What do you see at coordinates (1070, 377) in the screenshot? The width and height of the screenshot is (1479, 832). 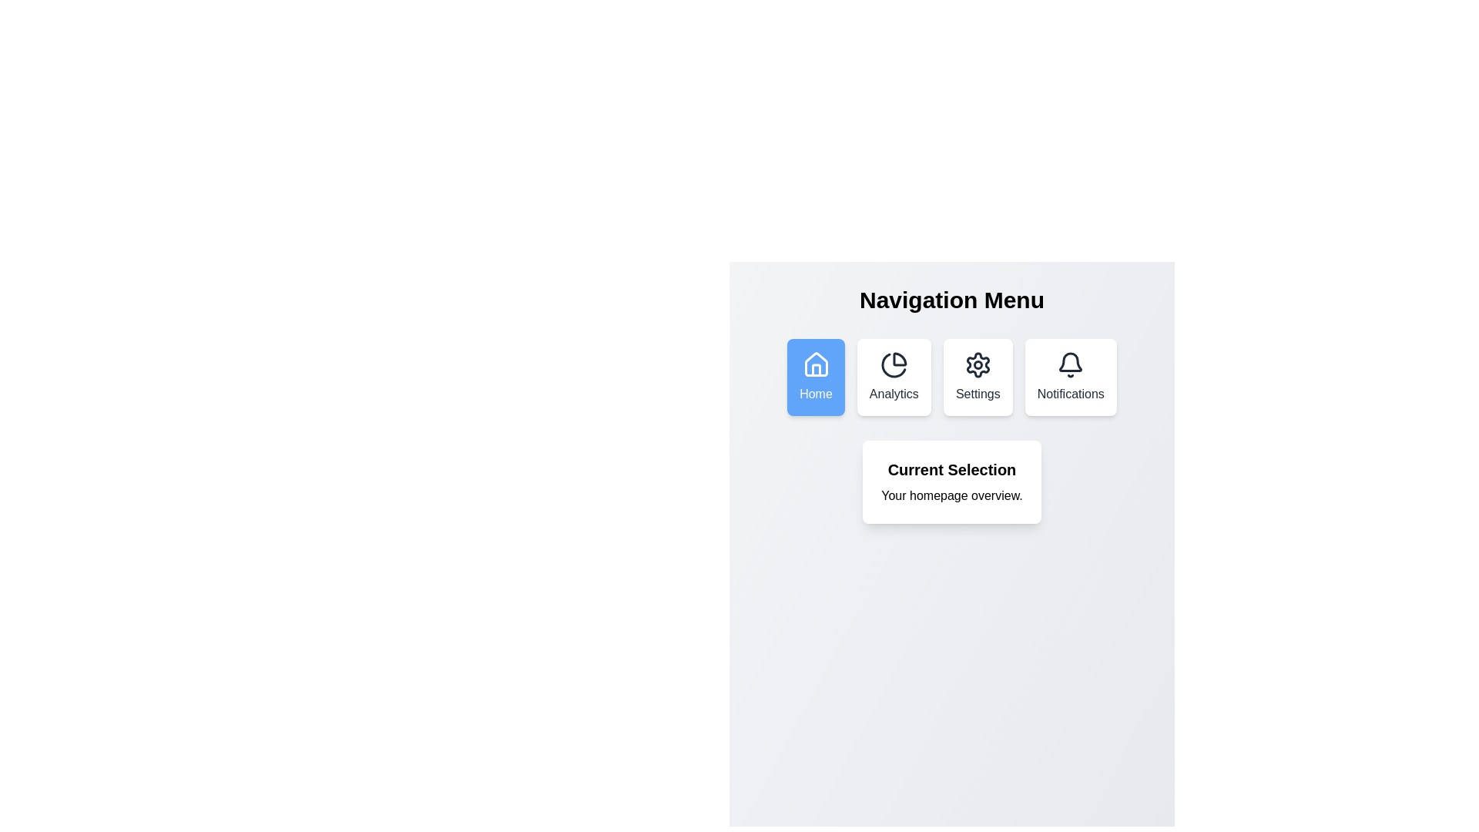 I see `the menu item labeled Notifications to navigate to the corresponding section` at bounding box center [1070, 377].